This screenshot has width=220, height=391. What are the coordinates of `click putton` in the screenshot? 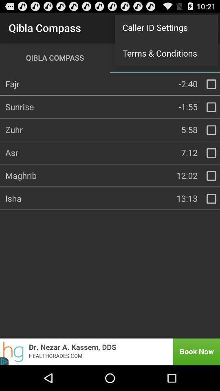 It's located at (211, 198).